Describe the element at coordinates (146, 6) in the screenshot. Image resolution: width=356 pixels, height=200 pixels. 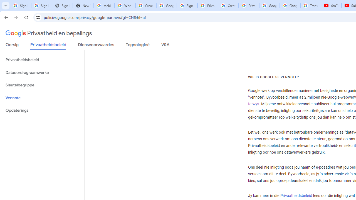
I see `'Create your Google Account'` at that location.